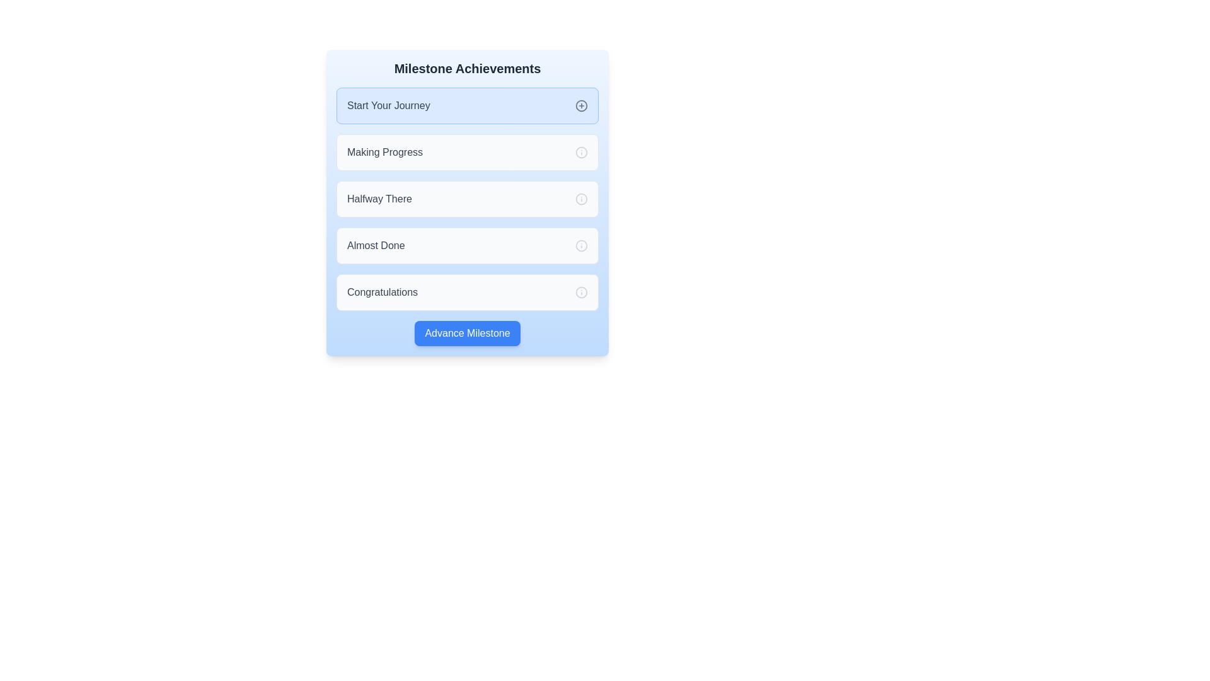  What do you see at coordinates (384, 152) in the screenshot?
I see `the Static Text Label displaying 'Making Progress'` at bounding box center [384, 152].